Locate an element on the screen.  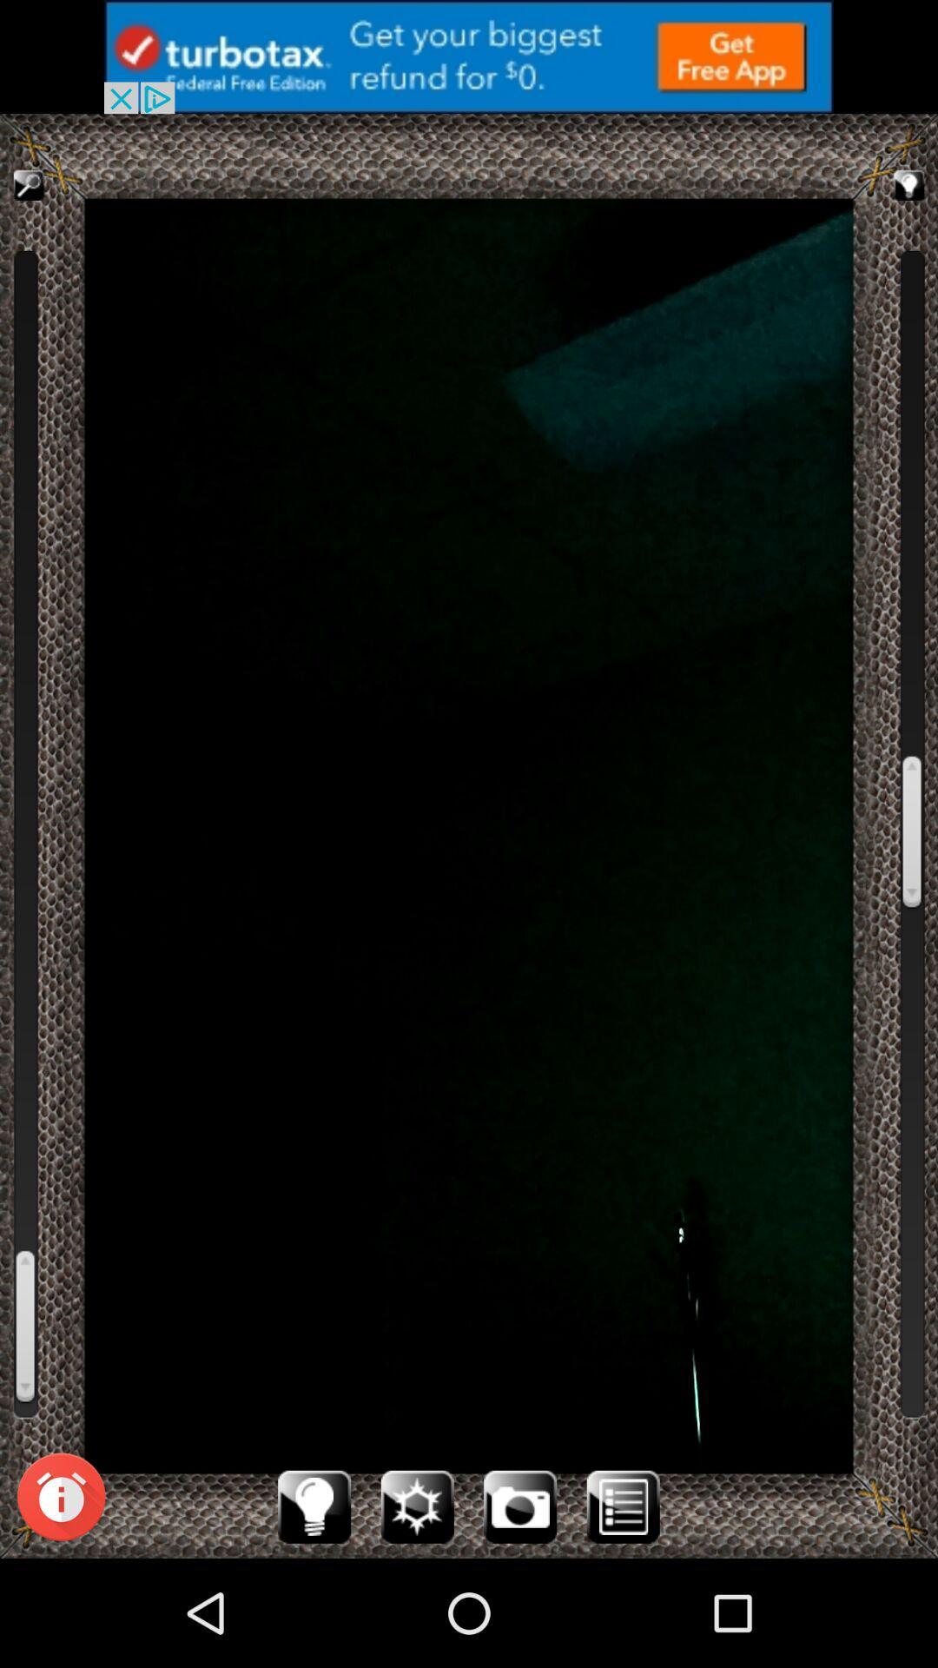
advertisement display is located at coordinates (469, 56).